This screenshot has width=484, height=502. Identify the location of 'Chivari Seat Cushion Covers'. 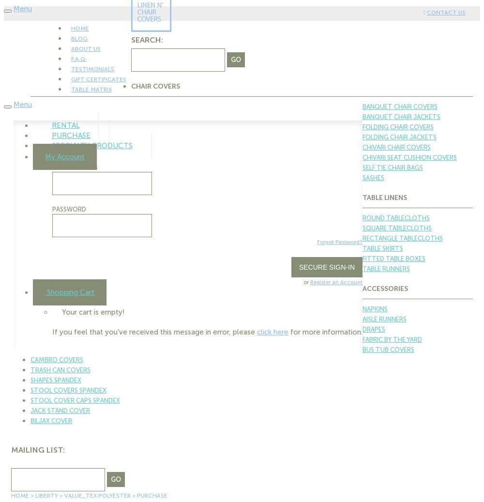
(409, 157).